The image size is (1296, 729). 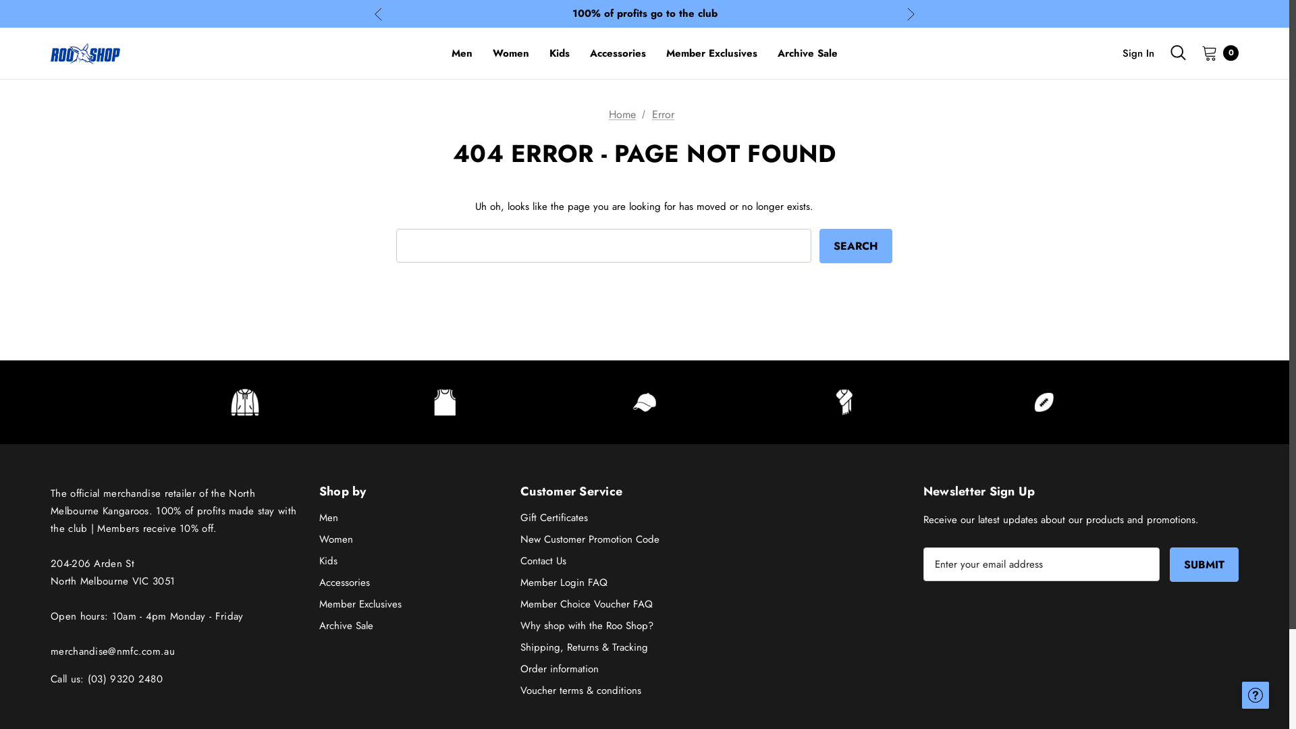 I want to click on 'Next', so click(x=911, y=13).